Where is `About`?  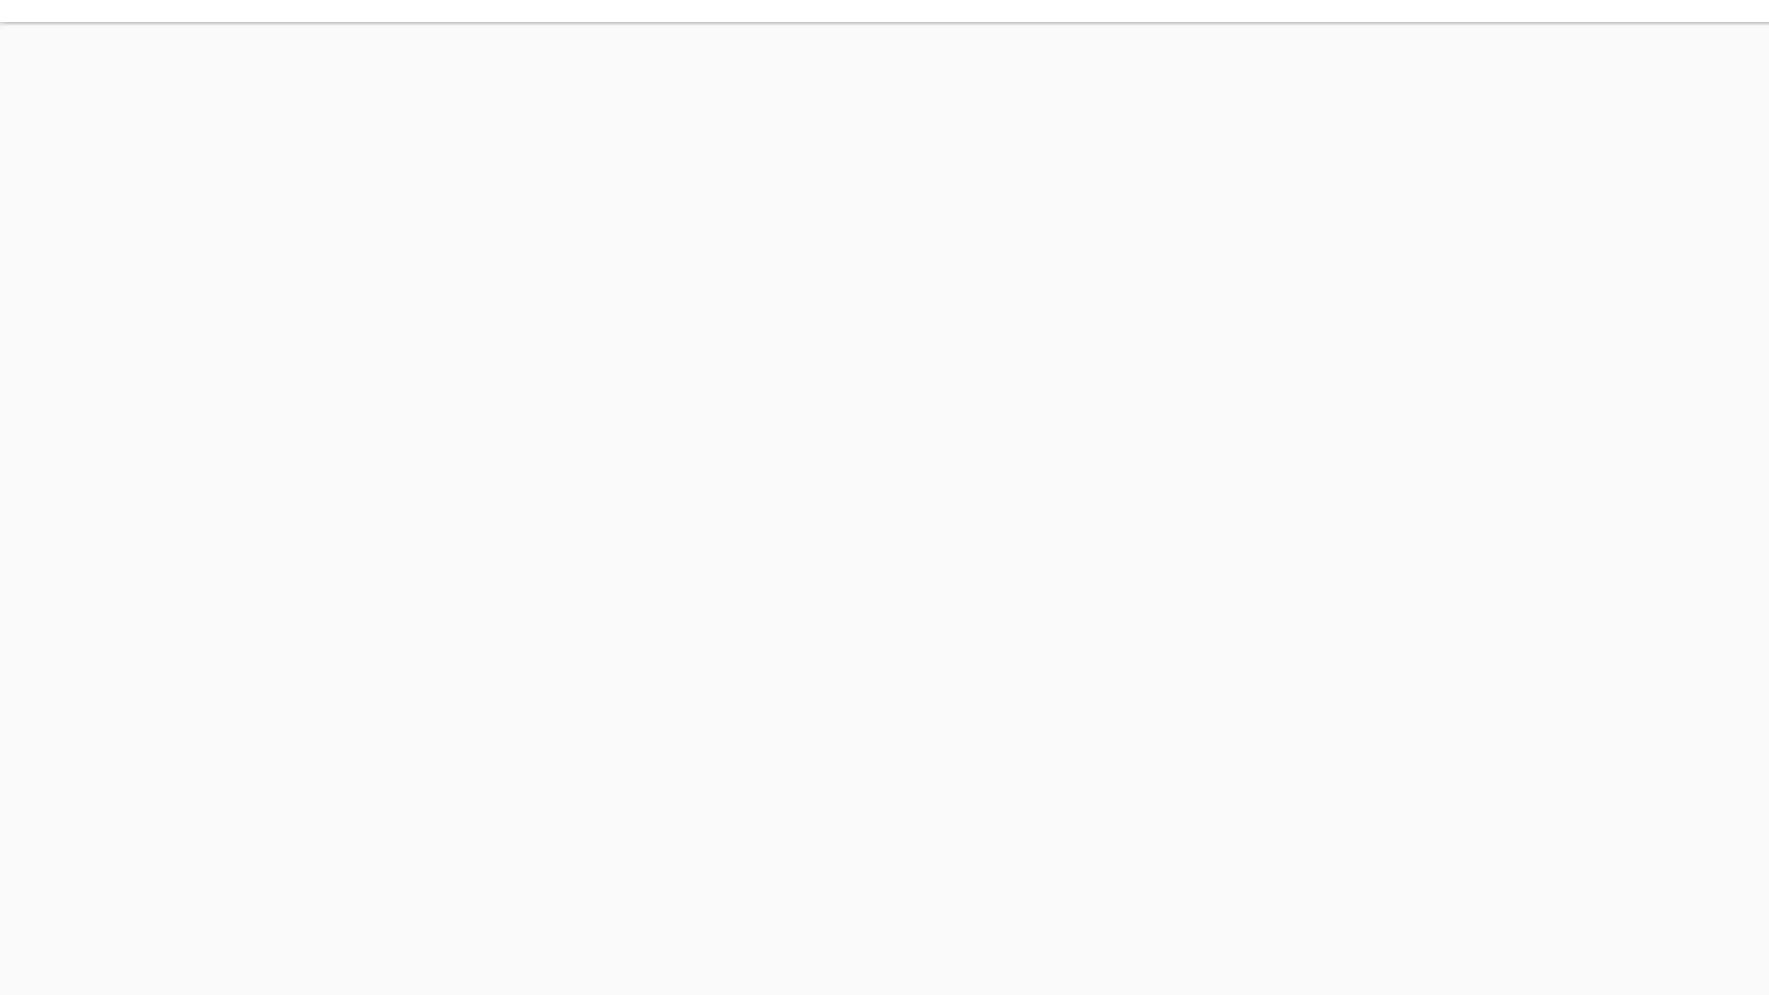 About is located at coordinates (817, 345).